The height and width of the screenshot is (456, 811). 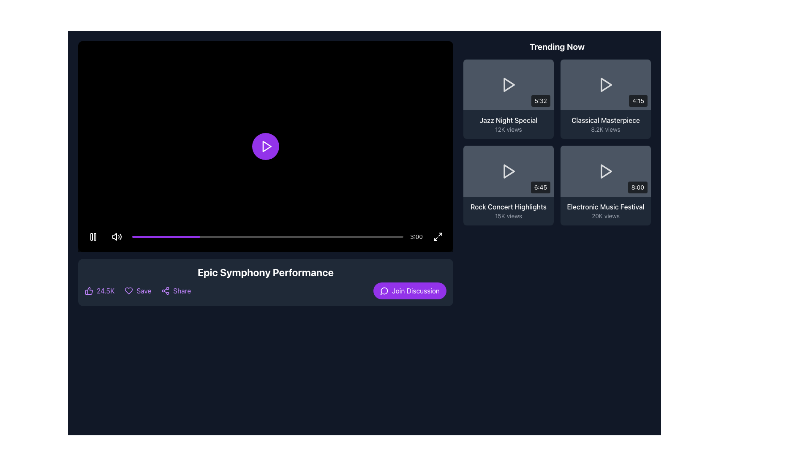 What do you see at coordinates (245, 236) in the screenshot?
I see `the video playback progress` at bounding box center [245, 236].